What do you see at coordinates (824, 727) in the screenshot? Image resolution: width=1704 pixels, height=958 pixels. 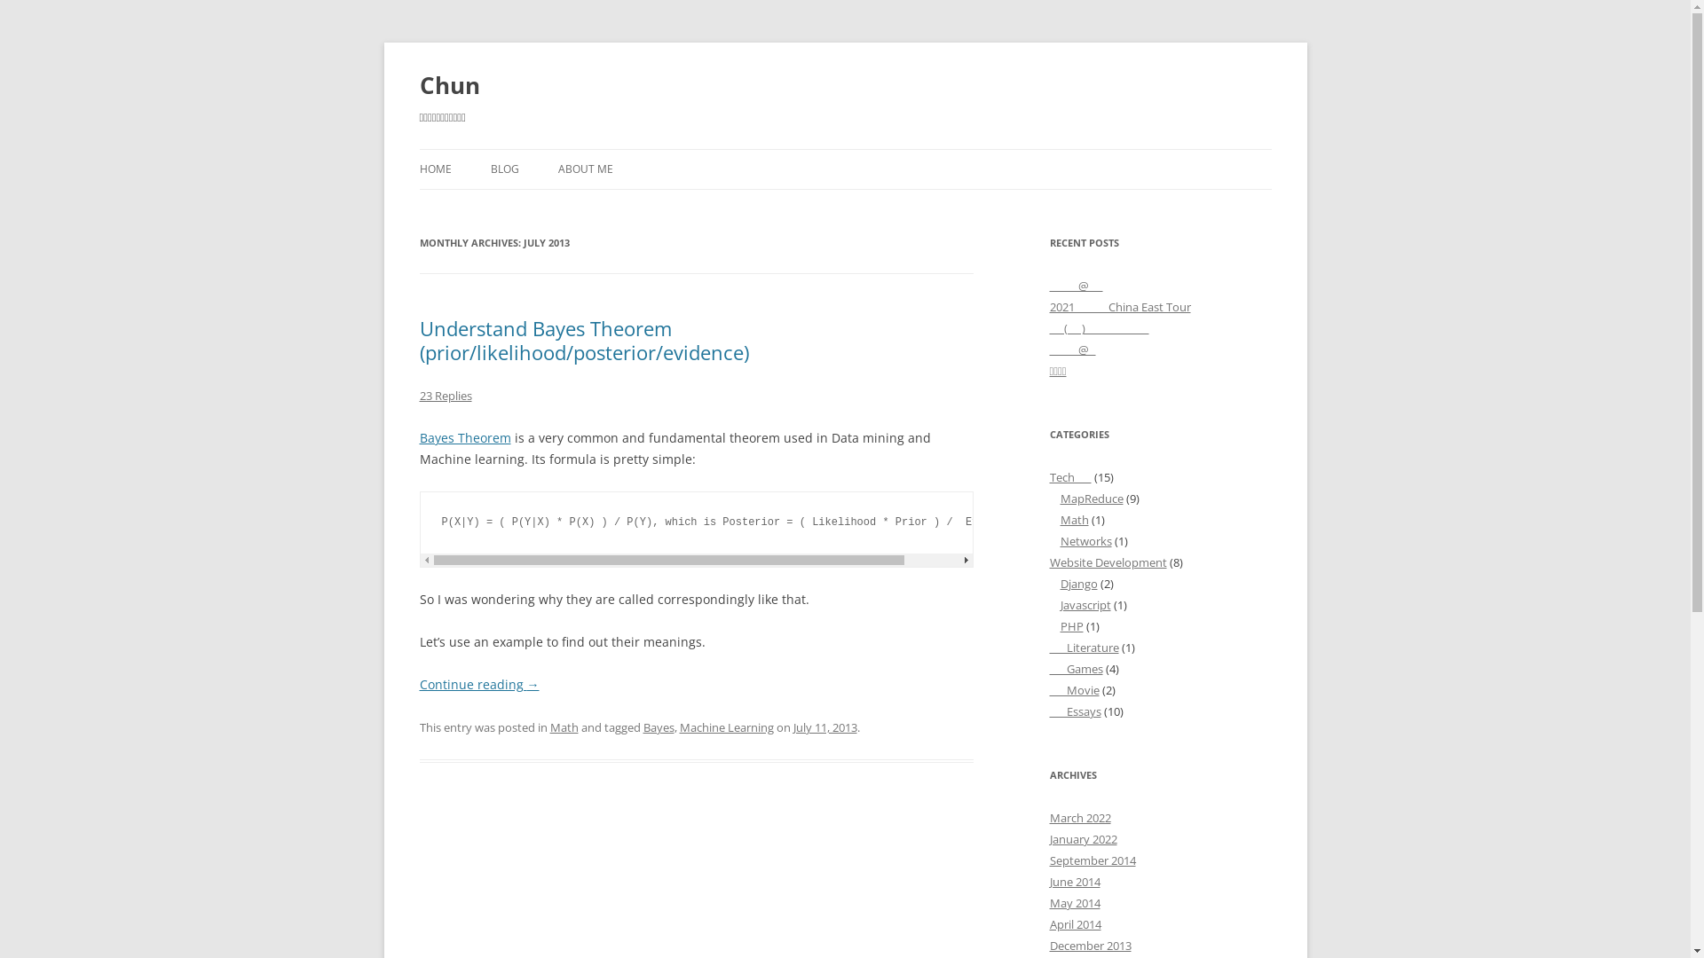 I see `'July 11, 2013'` at bounding box center [824, 727].